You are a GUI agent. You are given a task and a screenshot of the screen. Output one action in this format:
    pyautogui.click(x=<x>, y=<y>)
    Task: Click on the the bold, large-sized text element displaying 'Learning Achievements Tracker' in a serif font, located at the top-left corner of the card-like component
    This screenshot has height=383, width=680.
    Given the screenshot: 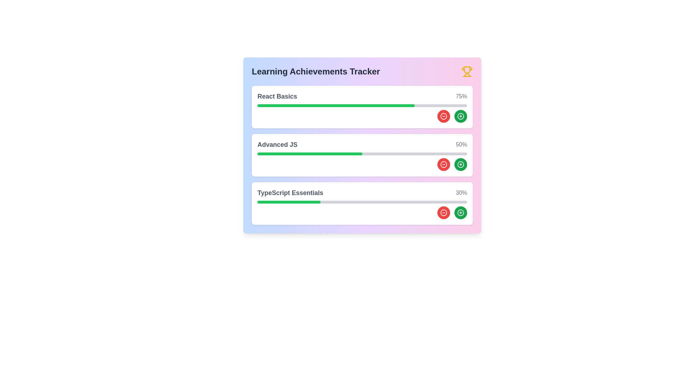 What is the action you would take?
    pyautogui.click(x=316, y=71)
    